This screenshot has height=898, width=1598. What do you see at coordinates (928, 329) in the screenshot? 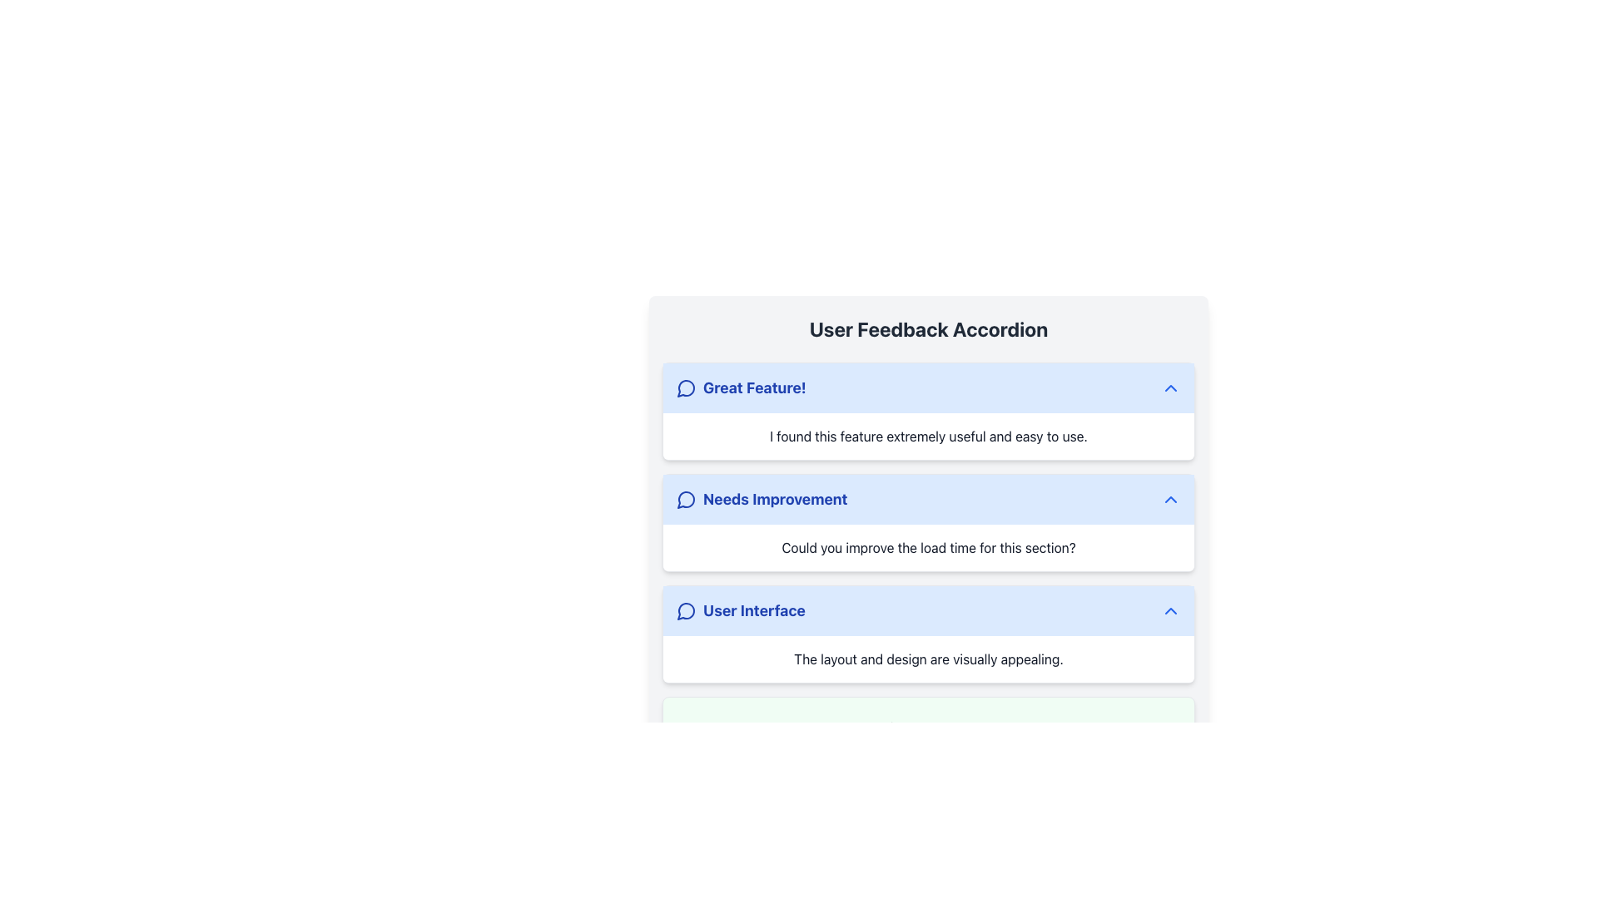
I see `static text label at the top of the user feedback section, which serves as a header for the accordion interface` at bounding box center [928, 329].